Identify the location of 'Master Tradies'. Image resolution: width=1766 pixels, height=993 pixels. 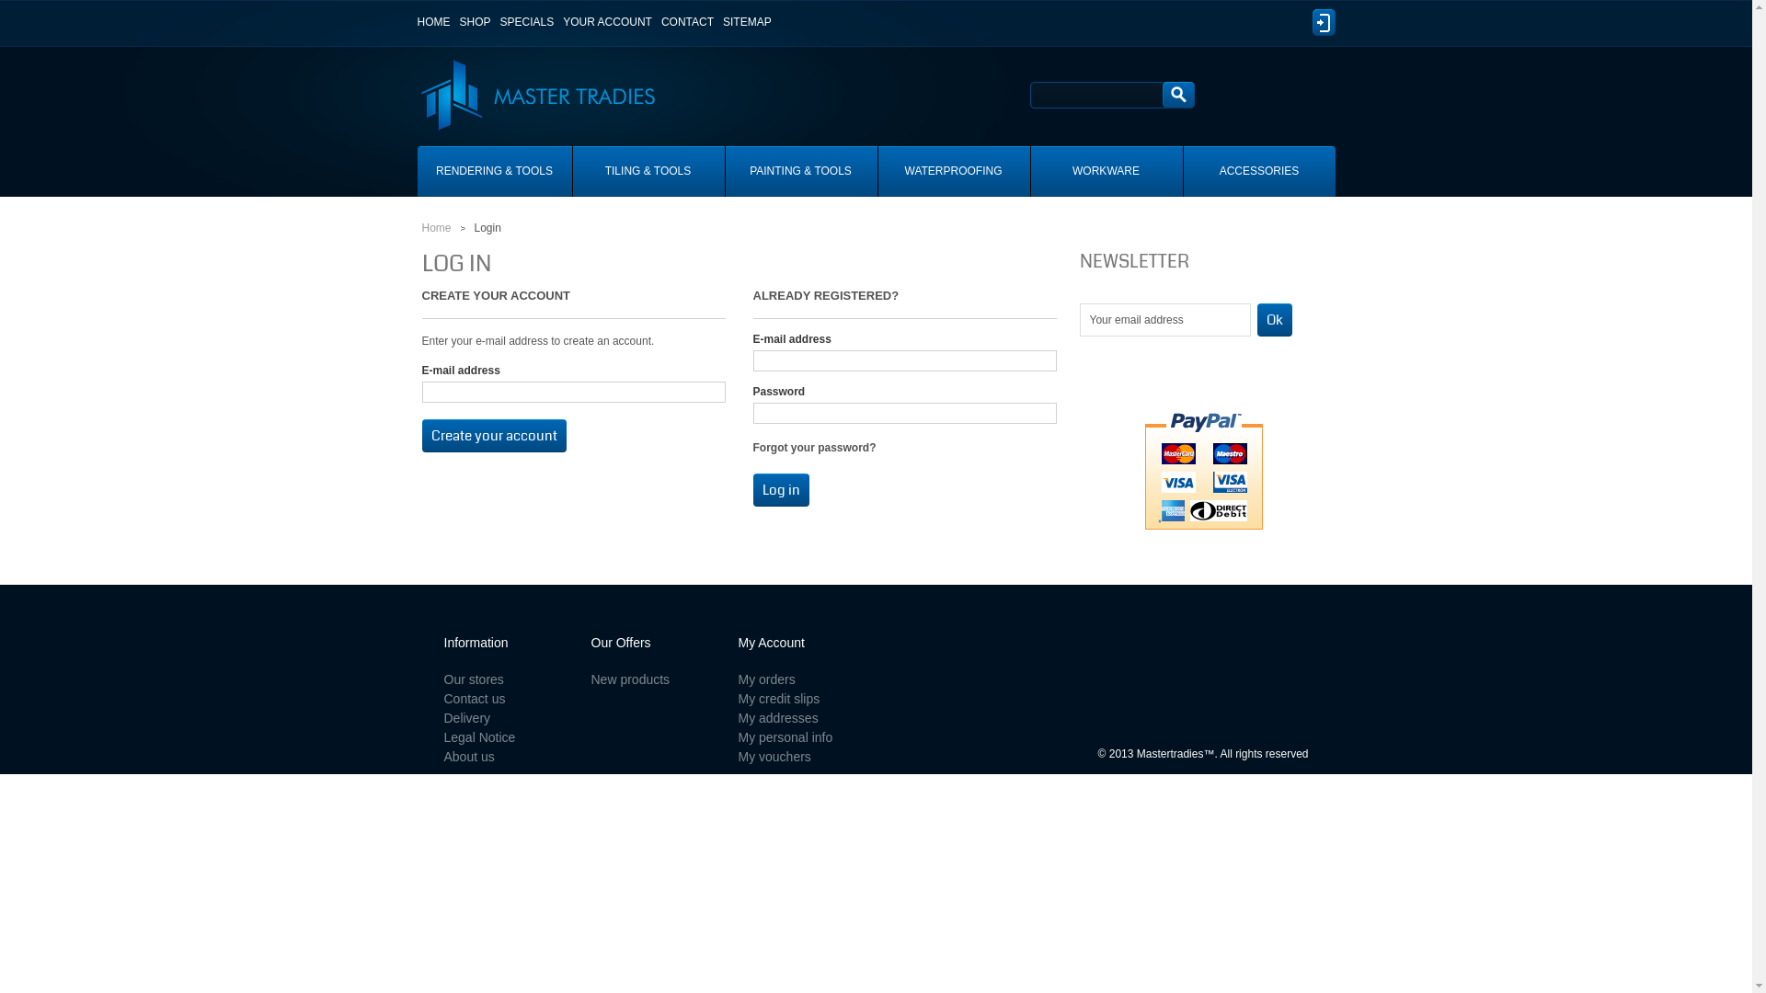
(522, 69).